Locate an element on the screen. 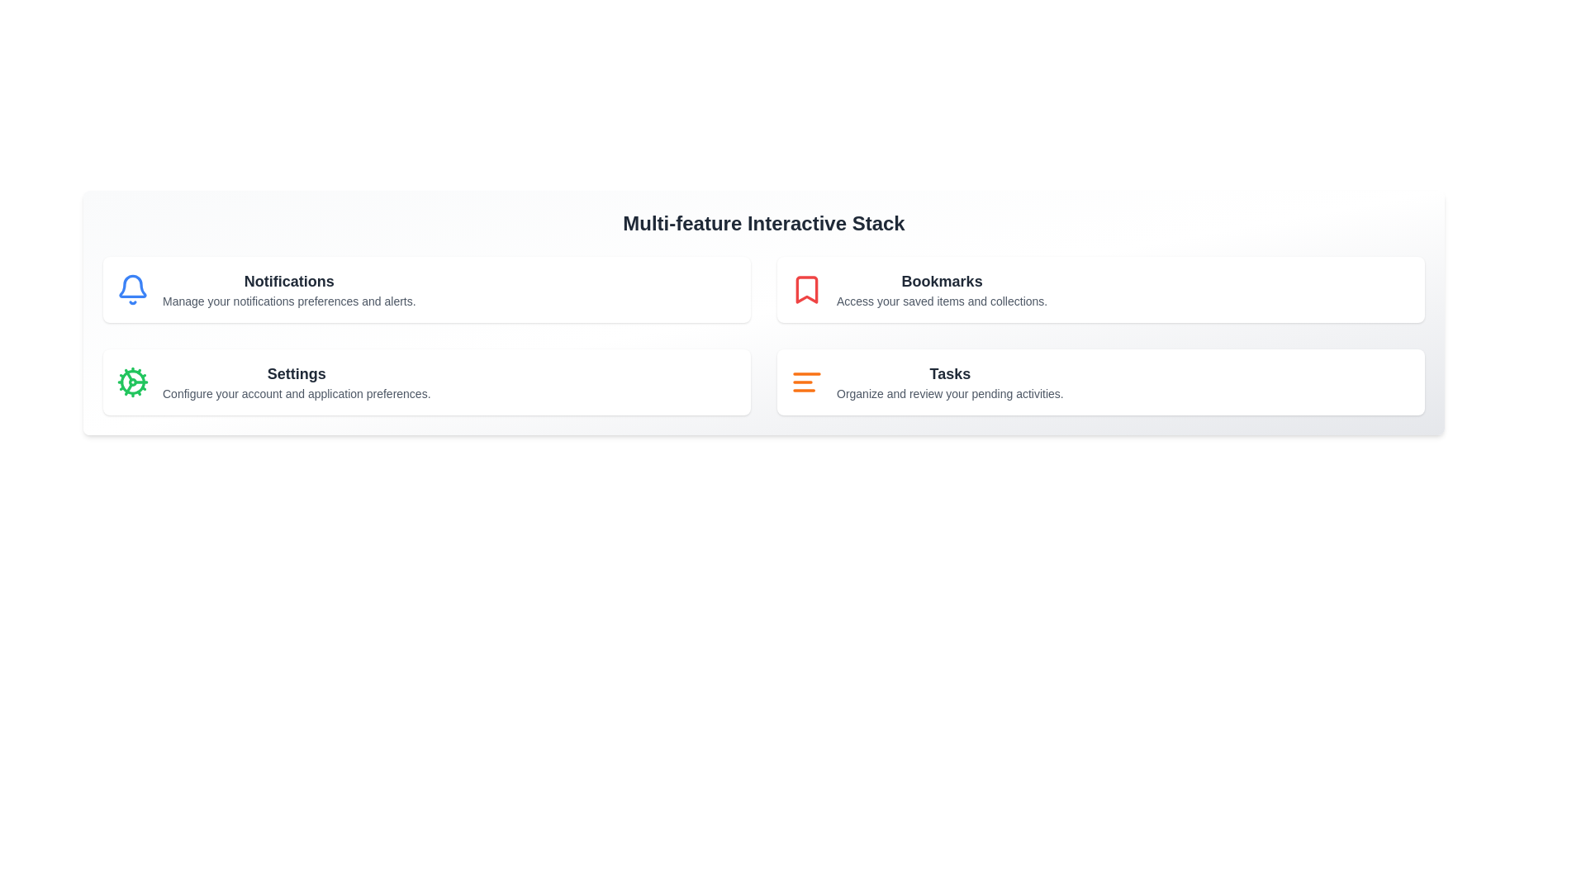 Image resolution: width=1586 pixels, height=892 pixels. title text located in the right section of the lower row of two rectangular containers, positioned above the description of tasks is located at coordinates (950, 373).